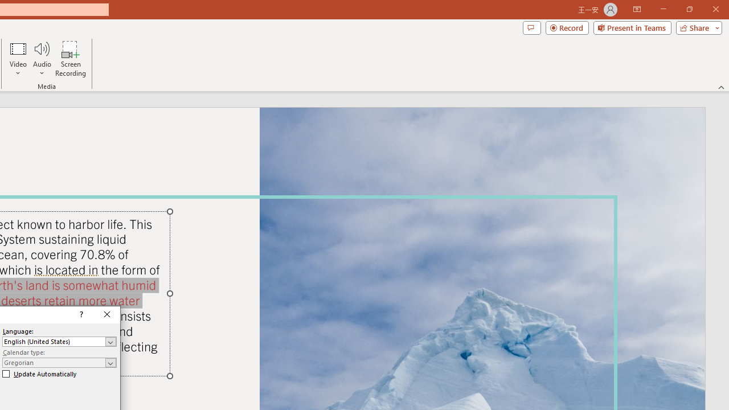 The image size is (729, 410). Describe the element at coordinates (696, 27) in the screenshot. I see `'Share'` at that location.